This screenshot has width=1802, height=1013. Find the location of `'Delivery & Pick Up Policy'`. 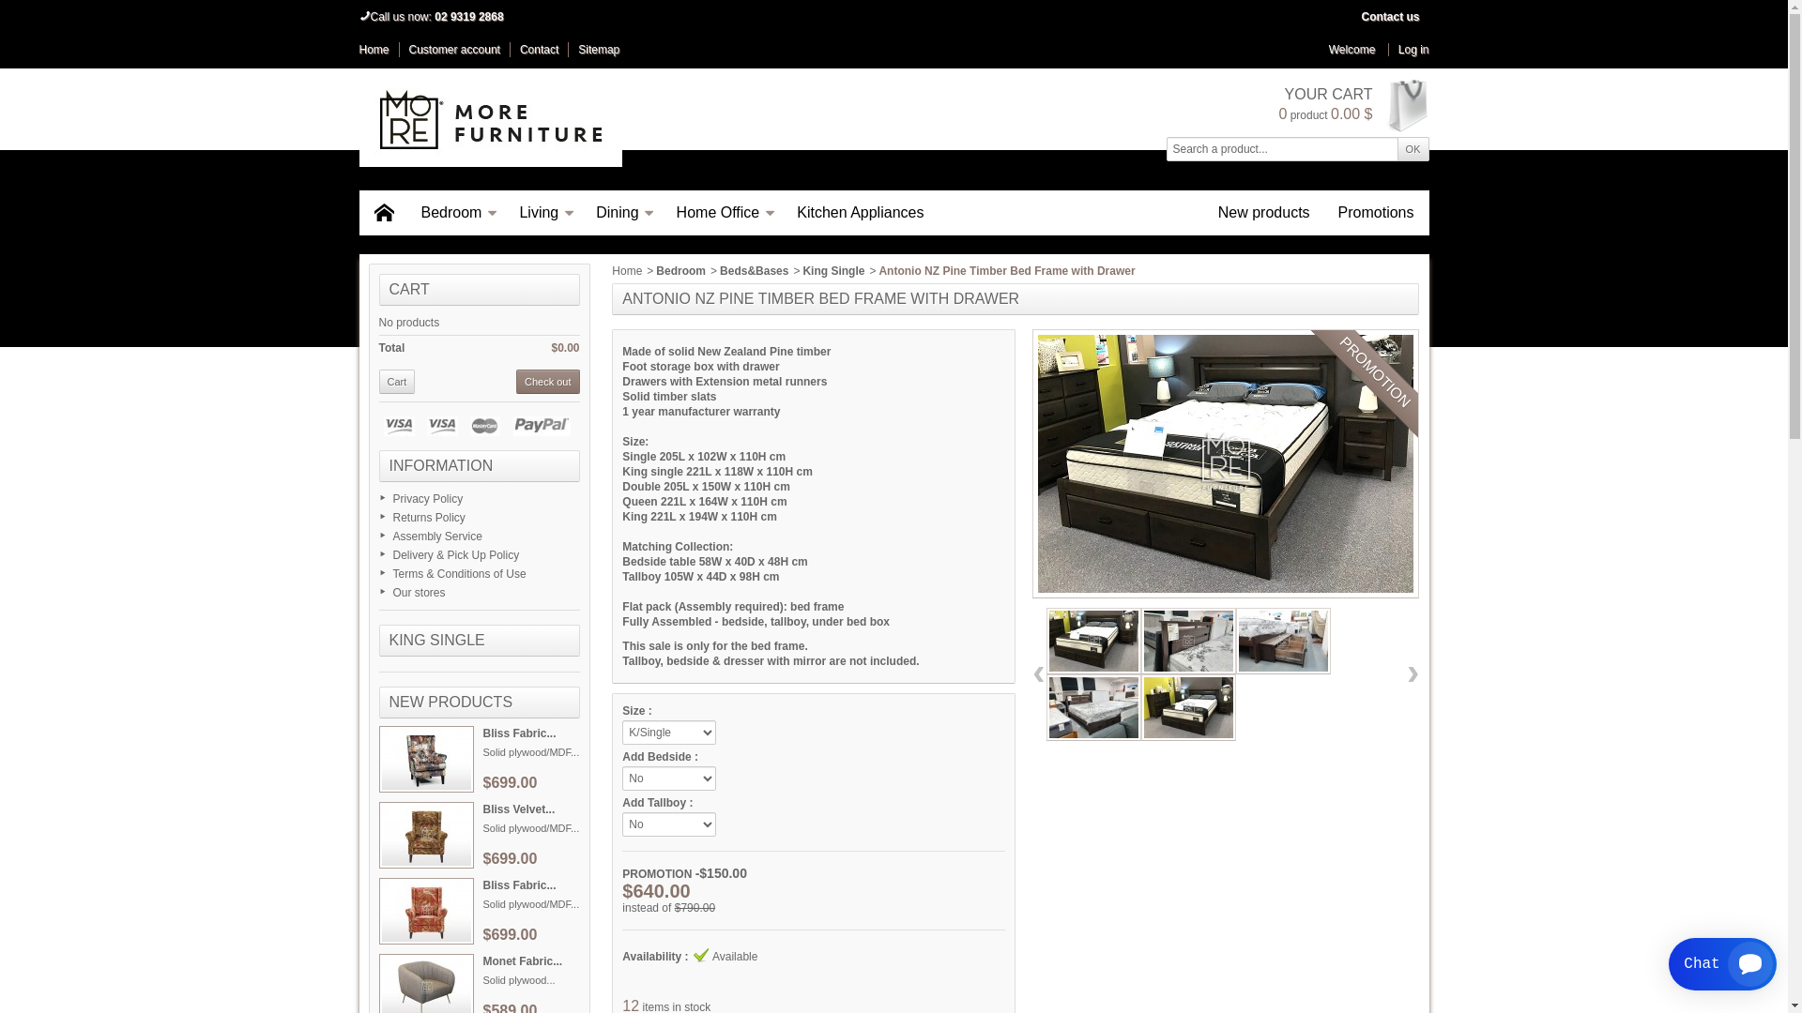

'Delivery & Pick Up Policy' is located at coordinates (455, 553).